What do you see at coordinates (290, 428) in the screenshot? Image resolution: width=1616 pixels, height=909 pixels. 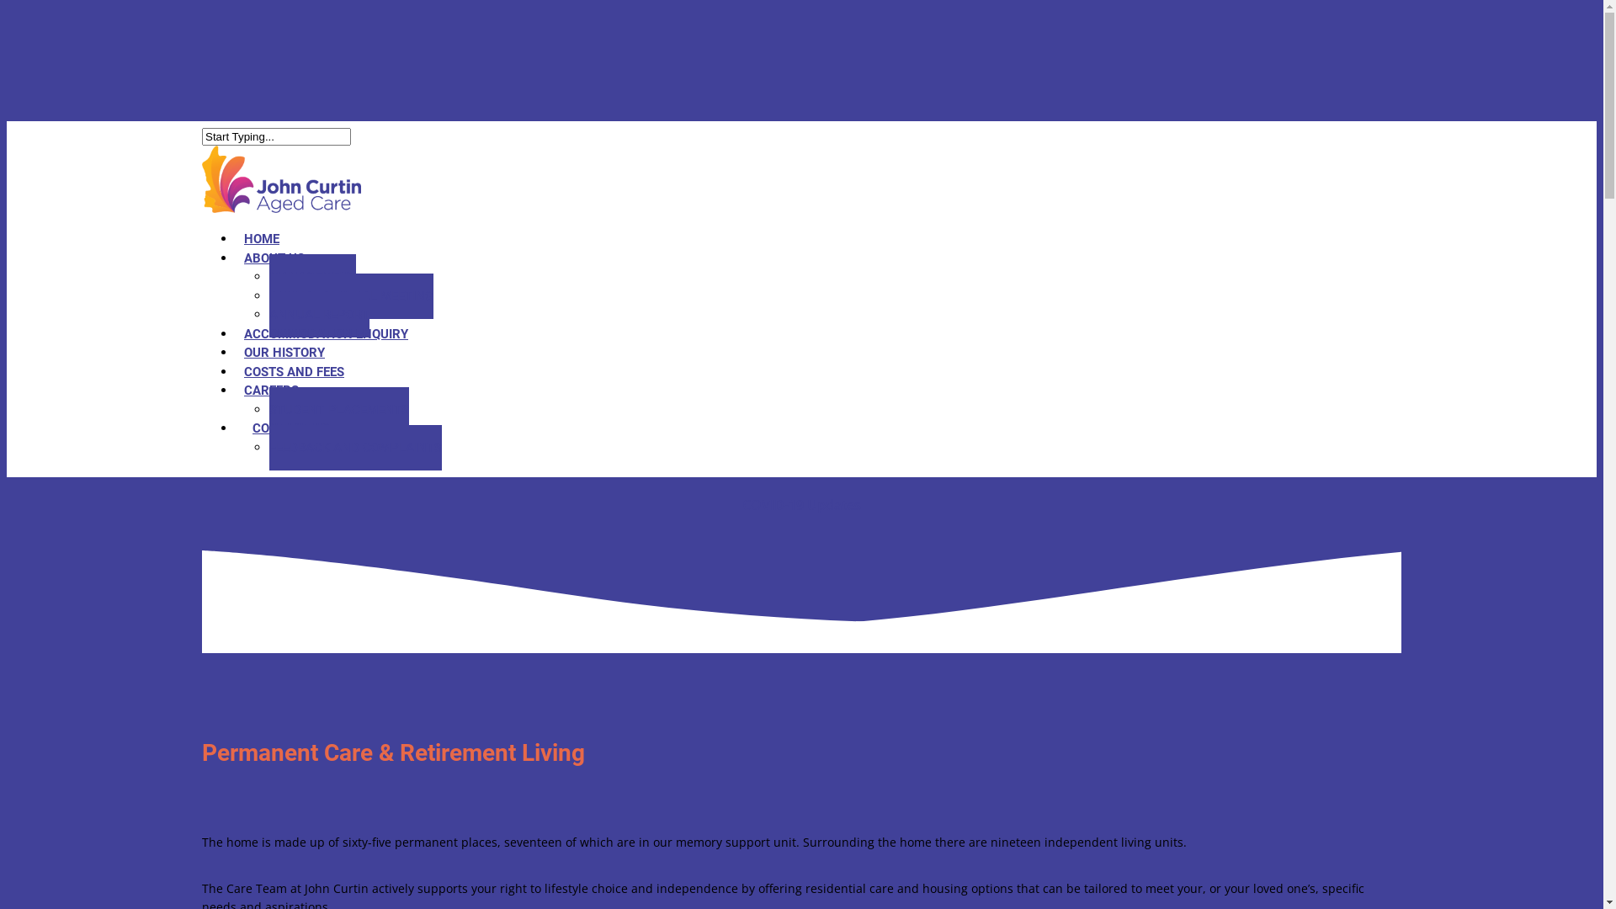 I see `'CONTACT US'` at bounding box center [290, 428].